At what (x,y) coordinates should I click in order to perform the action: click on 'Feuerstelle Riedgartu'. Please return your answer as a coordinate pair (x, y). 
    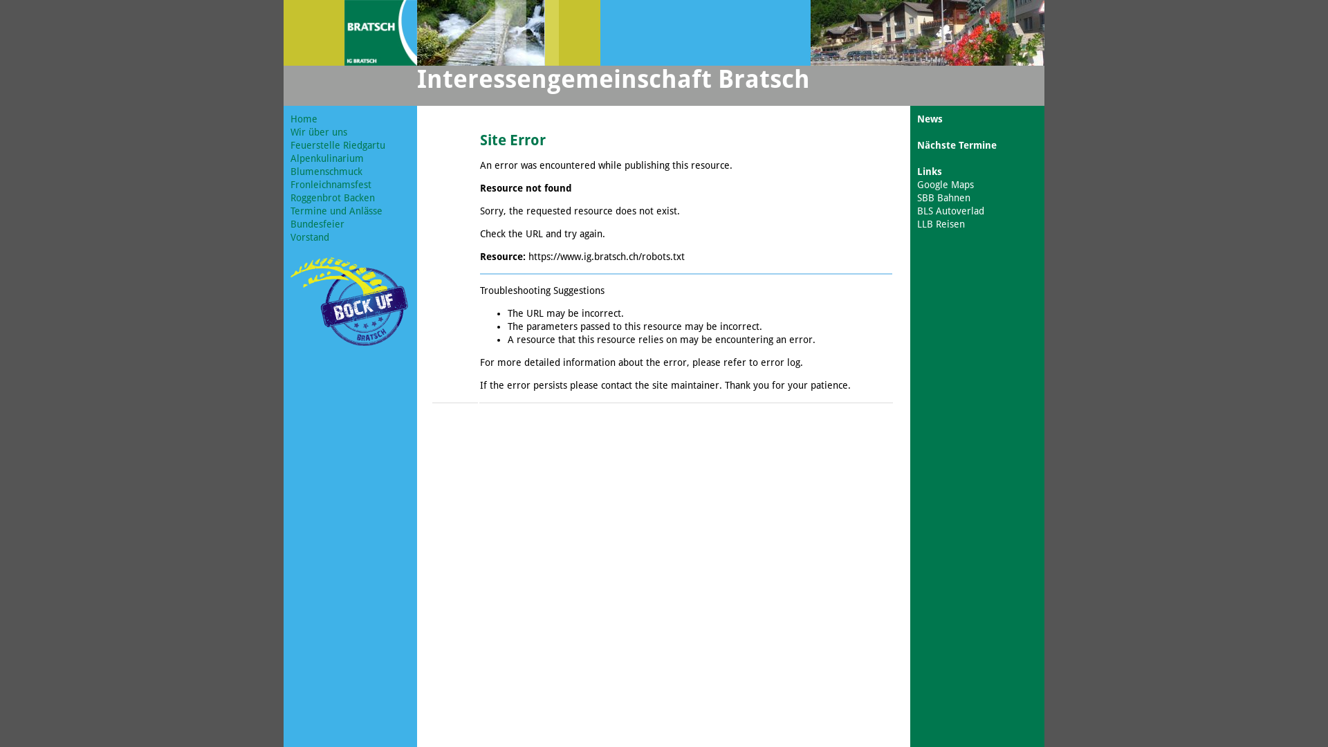
    Looking at the image, I should click on (338, 145).